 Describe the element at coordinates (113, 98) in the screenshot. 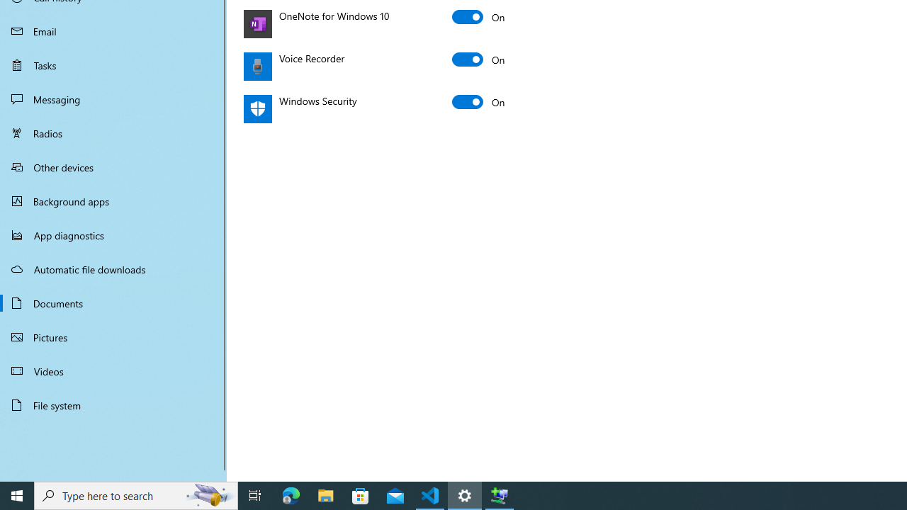

I see `'Messaging'` at that location.